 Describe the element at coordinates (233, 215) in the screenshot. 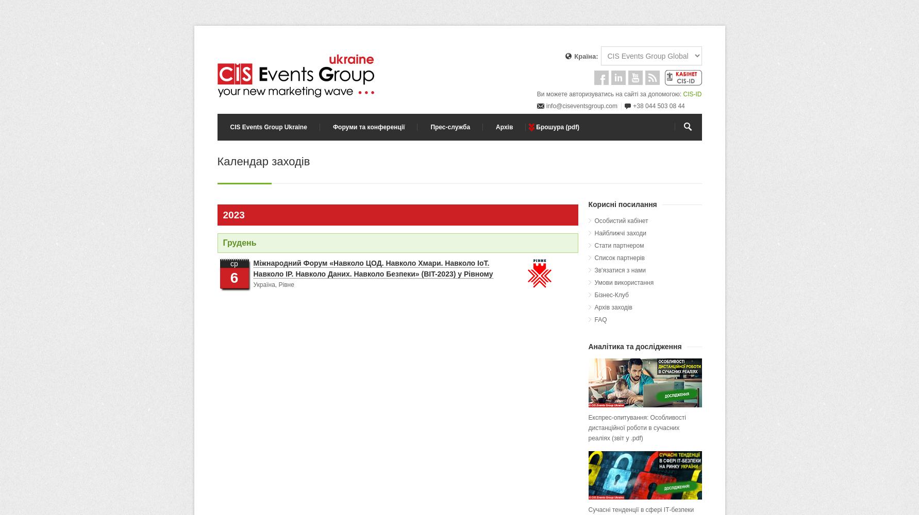

I see `'2023'` at that location.